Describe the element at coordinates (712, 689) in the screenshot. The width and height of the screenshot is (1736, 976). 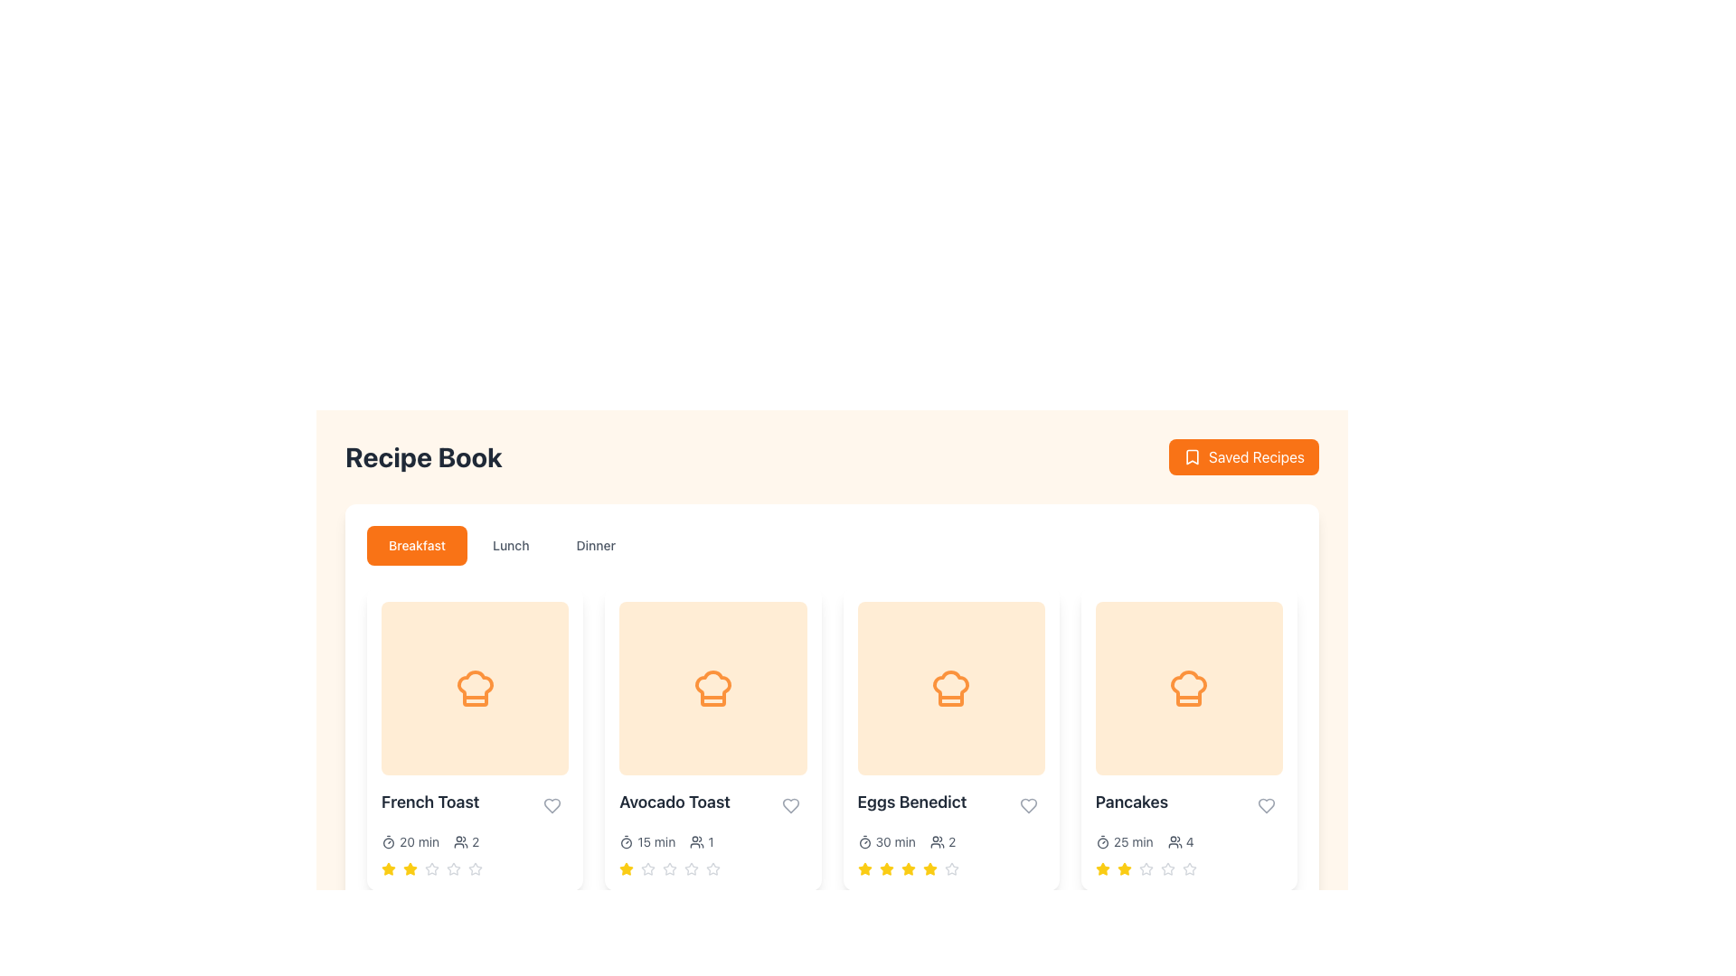
I see `the chef hat icon` at that location.